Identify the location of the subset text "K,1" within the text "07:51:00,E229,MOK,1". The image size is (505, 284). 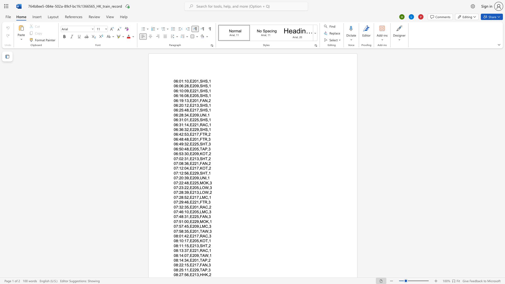
(206, 221).